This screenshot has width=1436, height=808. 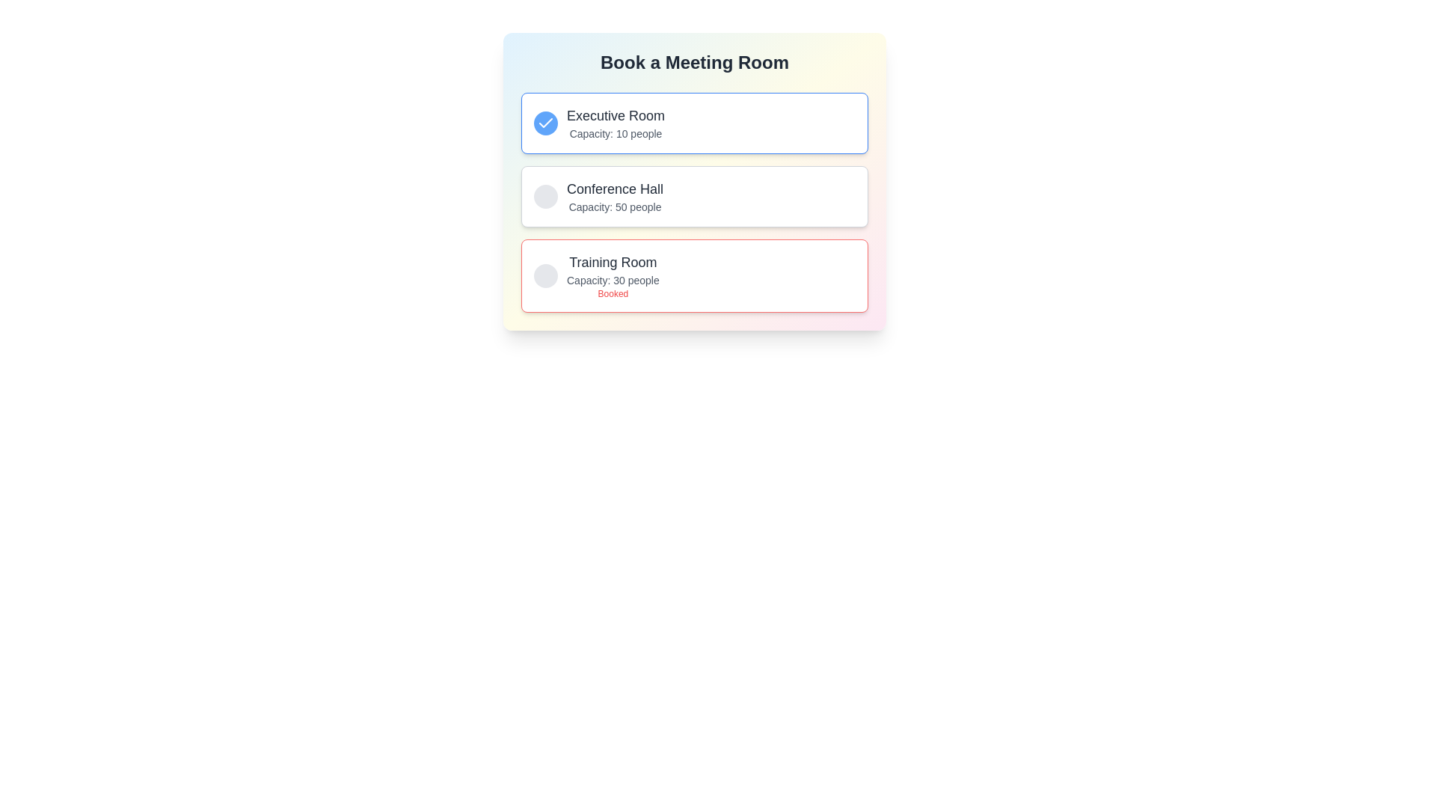 I want to click on information presented in the 'Conference Hall' informational text block, which is the second option in a vertical list of room details, so click(x=615, y=195).